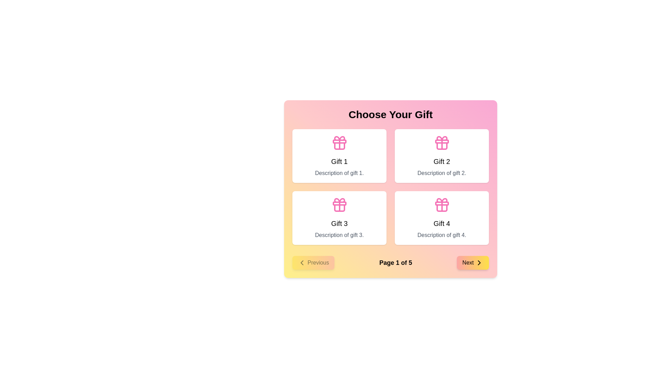 This screenshot has width=662, height=372. I want to click on the text label identifying the fourth gift card, labeled as 'Gift 4', located in the bottom-right corner of the grid layout, so click(442, 223).